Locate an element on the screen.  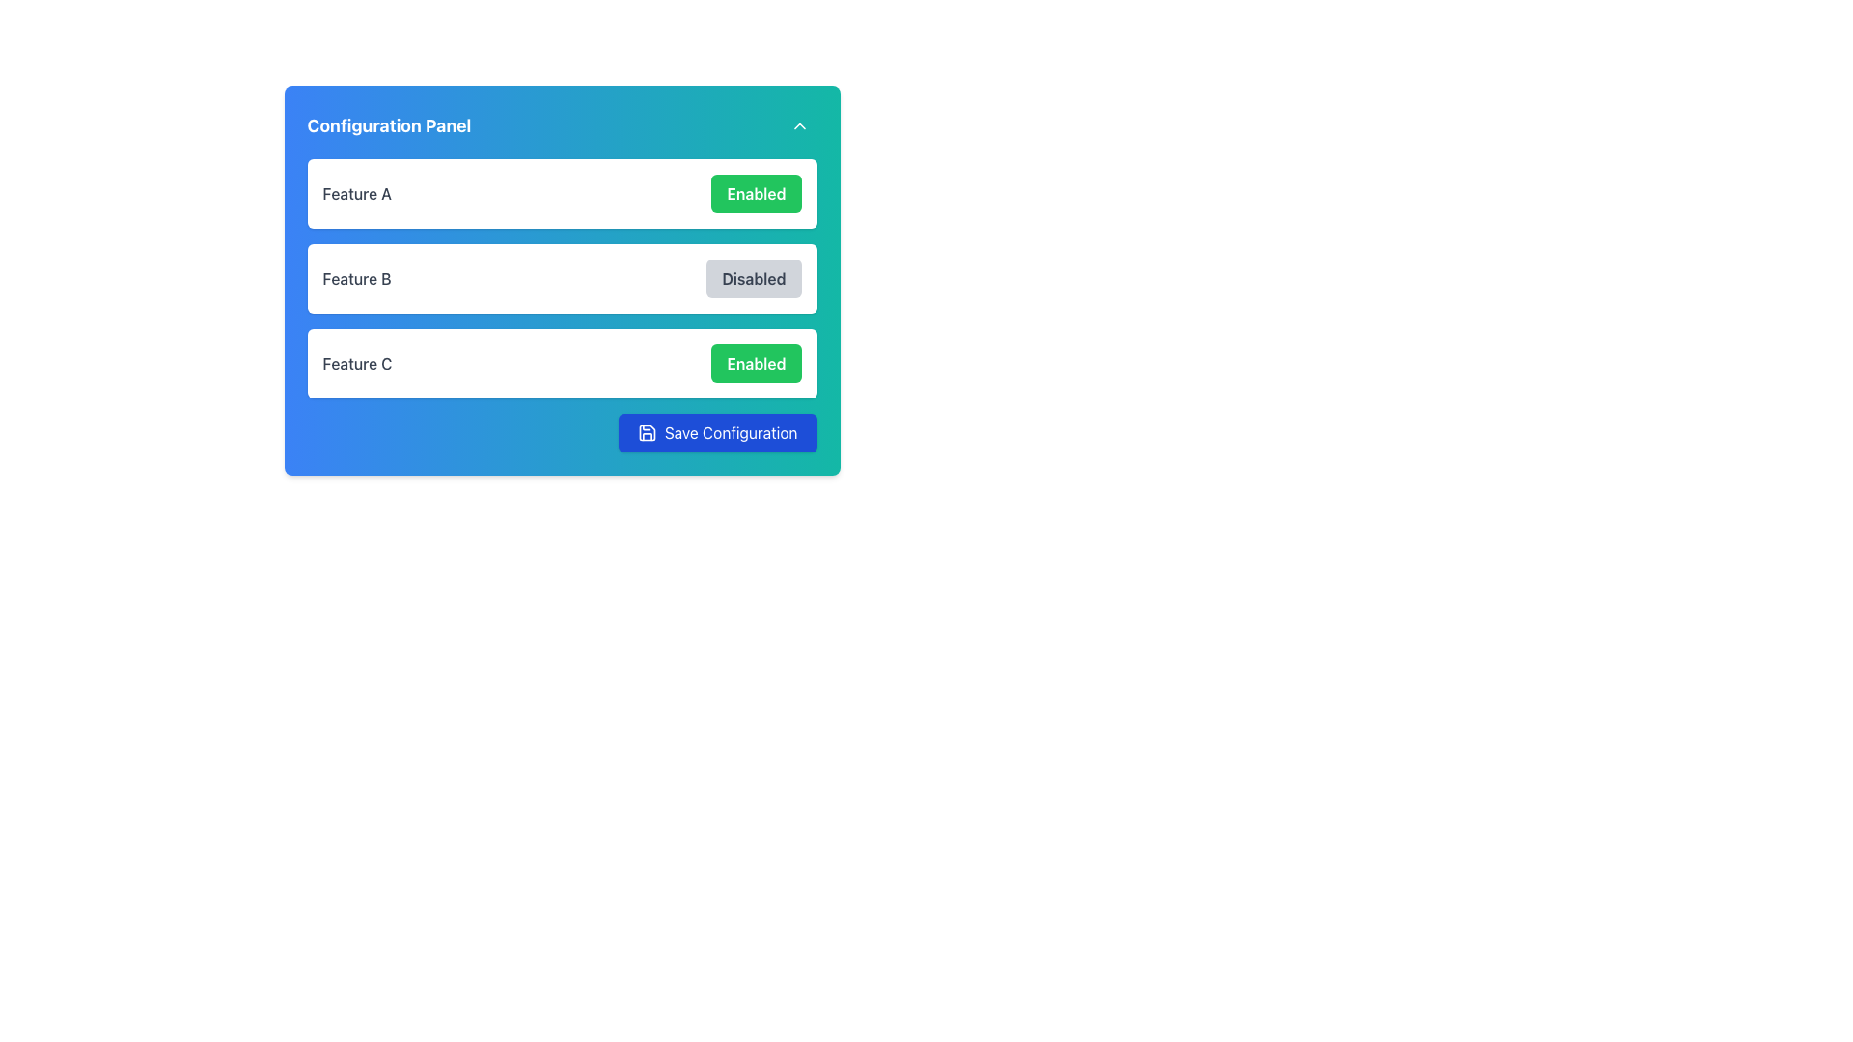
the floppy disk icon displayed on the 'Save Configuration' button, located at the bottom center of the configuration panel is located at coordinates (647, 431).